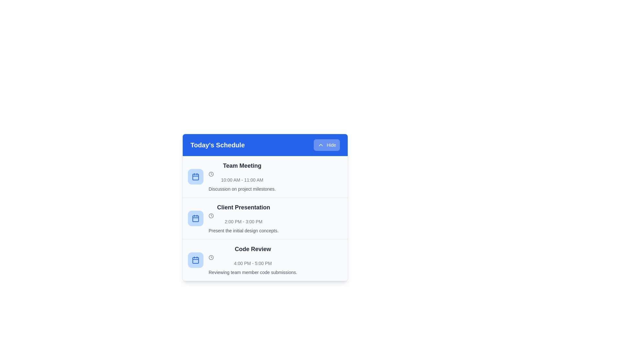 The width and height of the screenshot is (621, 349). What do you see at coordinates (211, 216) in the screenshot?
I see `the circular clock icon with a minimalist design, outlined in black, located in the 'Client Presentation' section next to the time information ('2:00 PM - 3:00 PM')` at bounding box center [211, 216].